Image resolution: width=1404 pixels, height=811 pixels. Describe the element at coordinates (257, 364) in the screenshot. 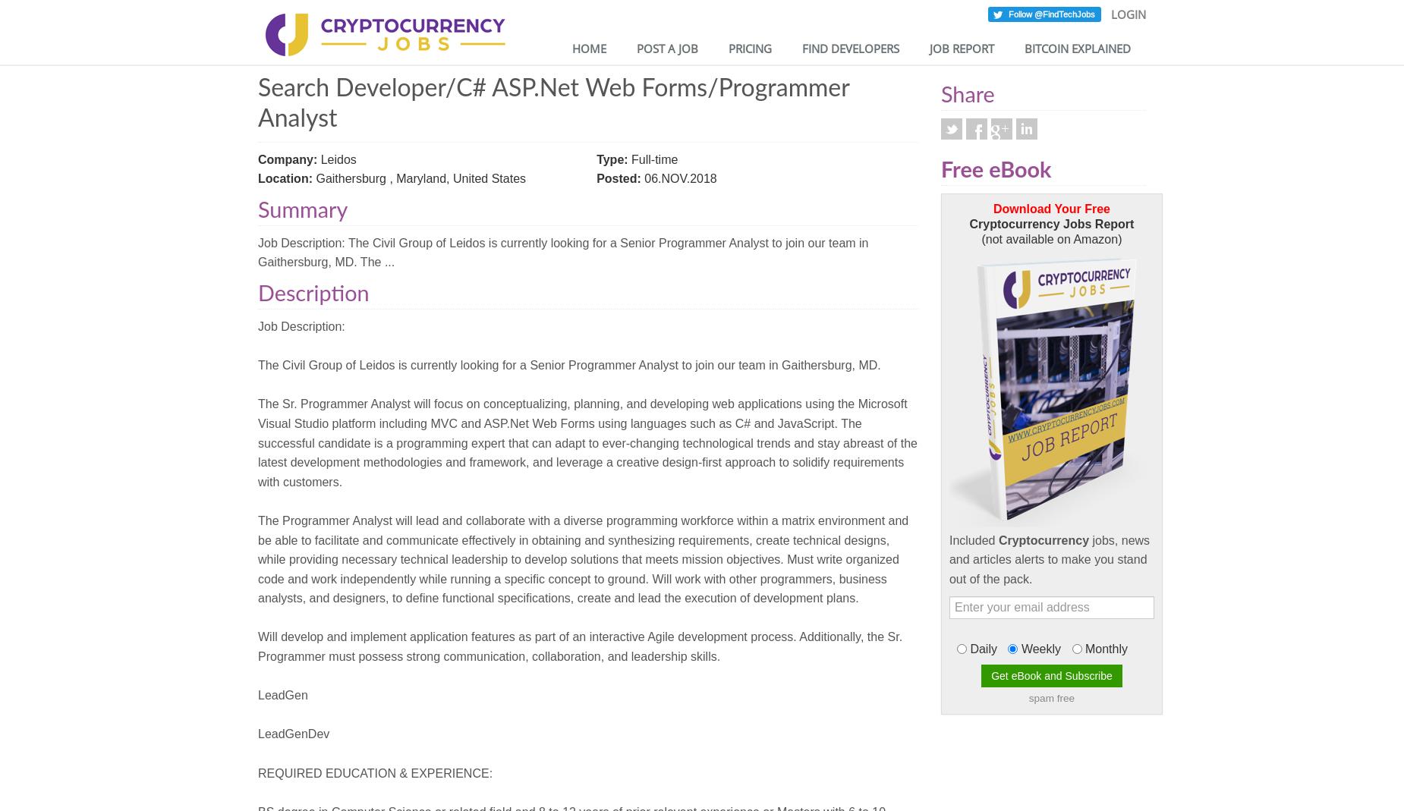

I see `'The Civil Group of Leidos is currently looking for a Senior Programmer Analyst to join our team in Gaithersburg, MD.'` at that location.